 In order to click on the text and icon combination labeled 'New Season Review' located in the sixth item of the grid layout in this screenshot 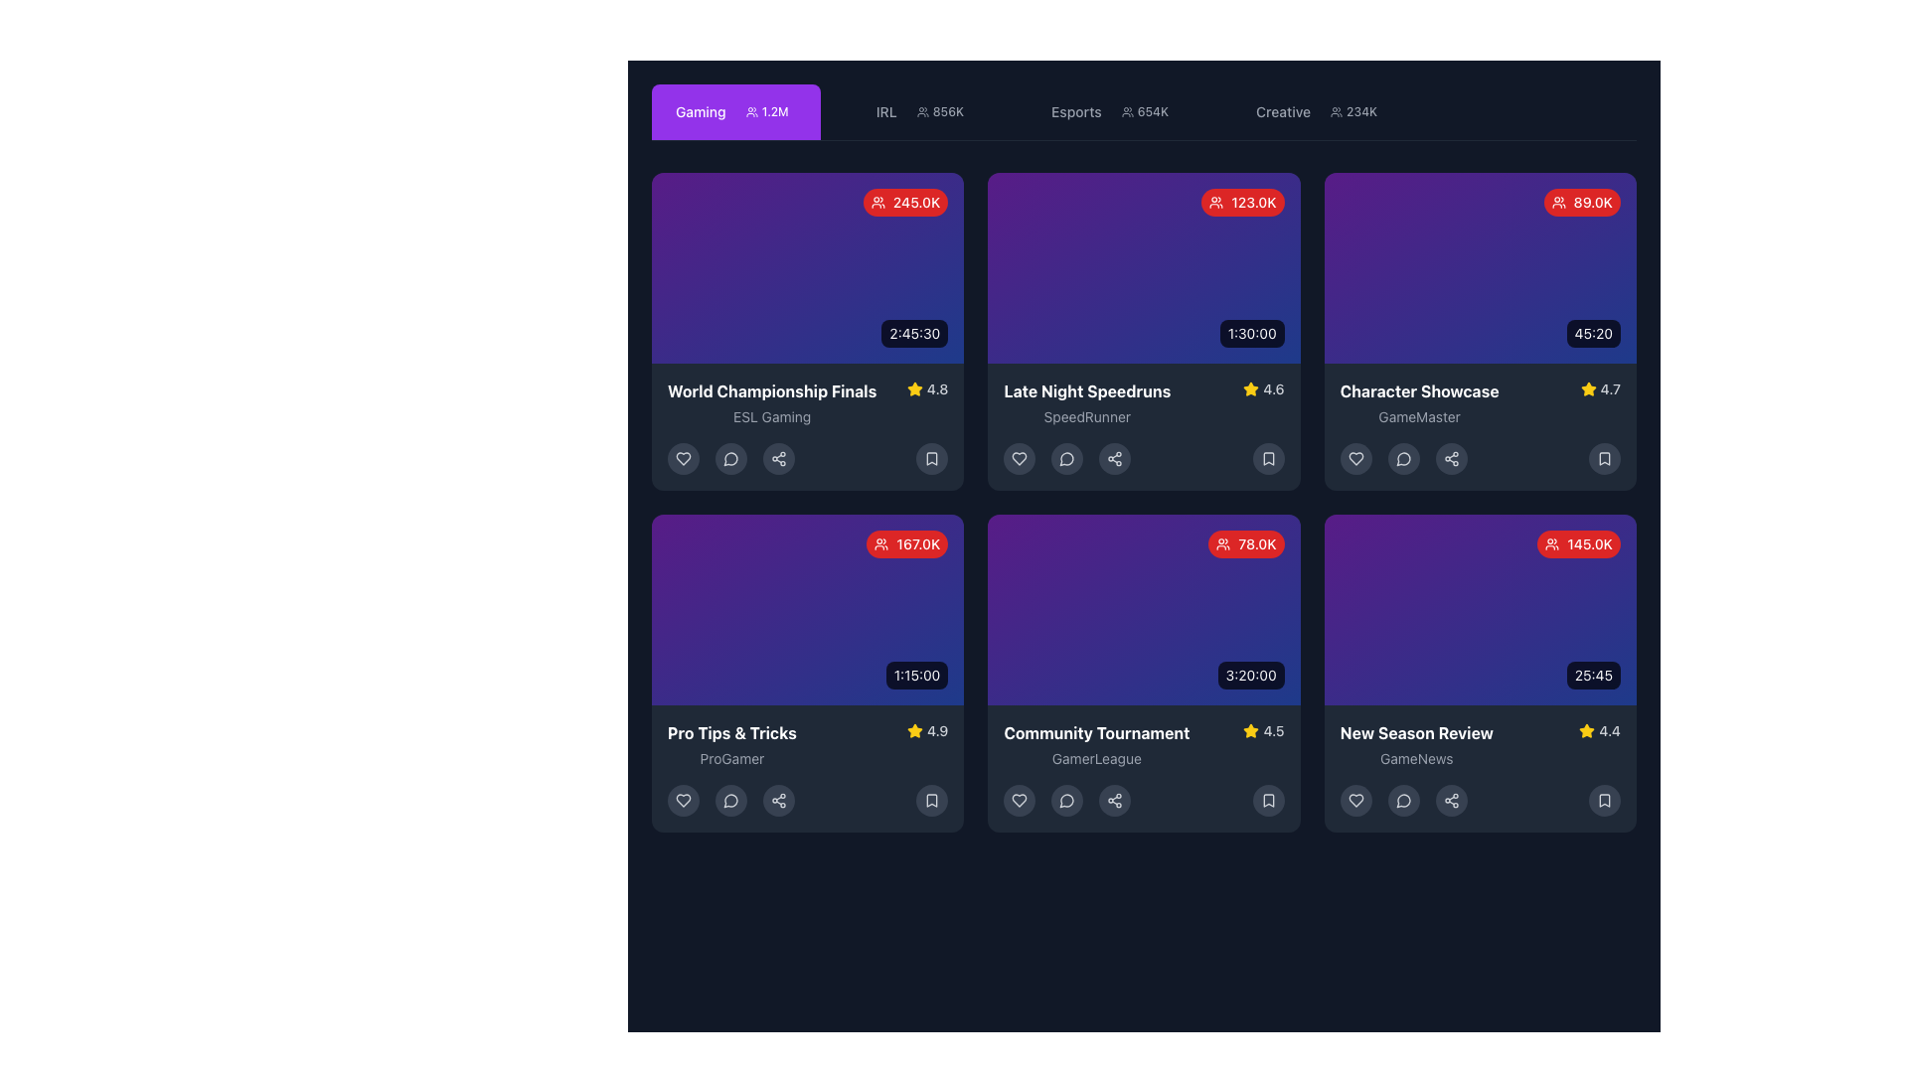, I will do `click(1480, 744)`.